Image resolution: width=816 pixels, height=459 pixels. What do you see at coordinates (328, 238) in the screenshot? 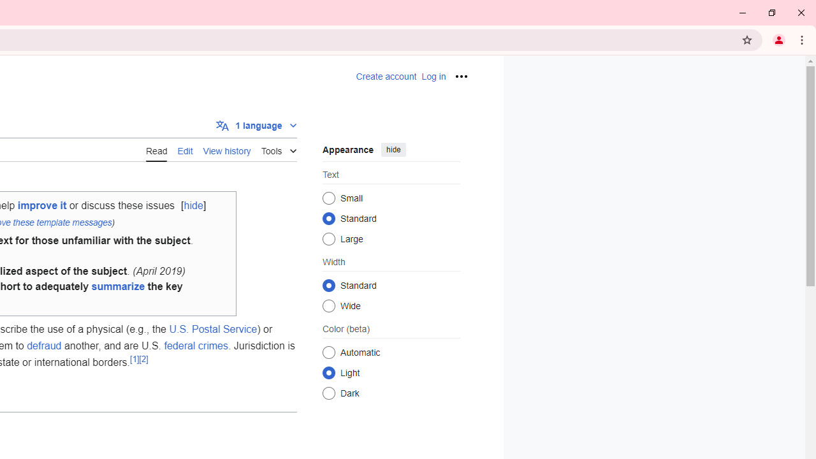
I see `'Large'` at bounding box center [328, 238].